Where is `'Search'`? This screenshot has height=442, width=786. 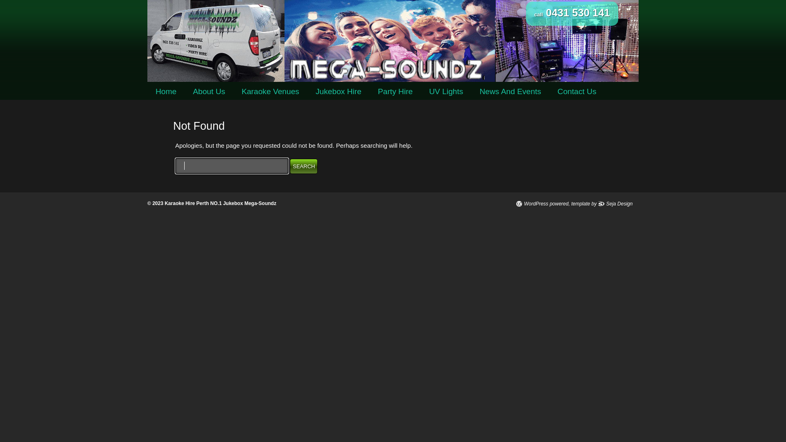 'Search' is located at coordinates (303, 166).